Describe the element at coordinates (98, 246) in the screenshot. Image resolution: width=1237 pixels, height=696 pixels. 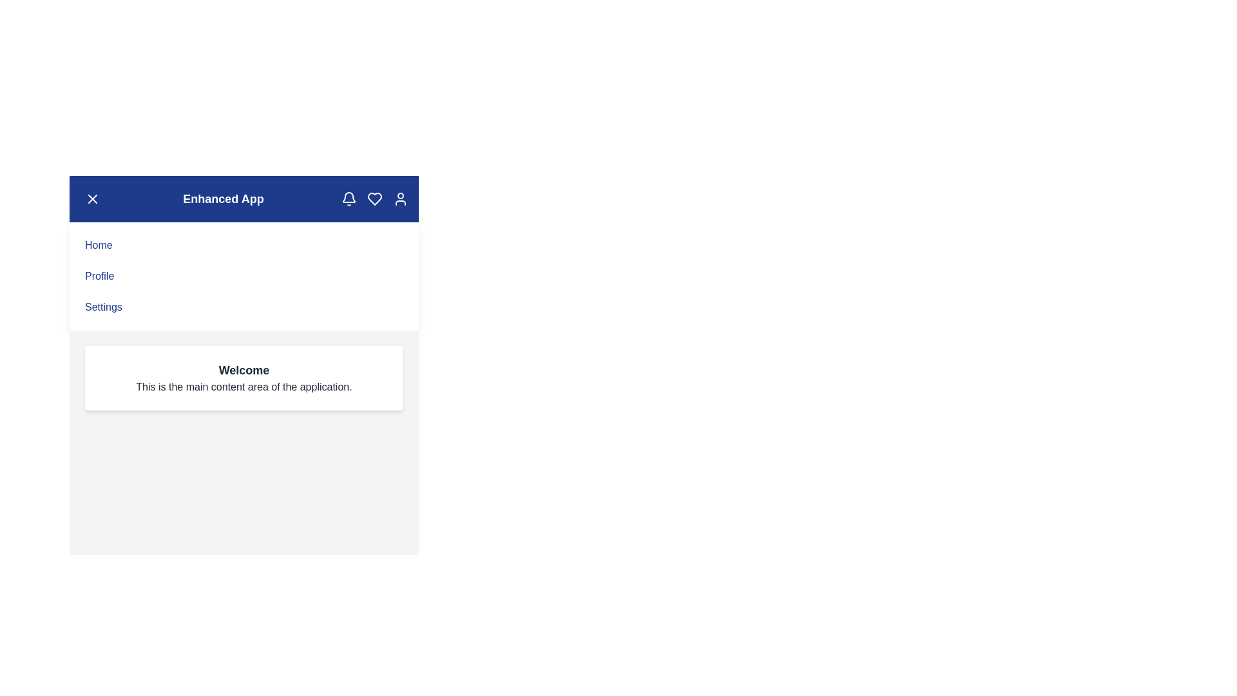
I see `the 'Home' menu item to navigate to the 'Home' section` at that location.